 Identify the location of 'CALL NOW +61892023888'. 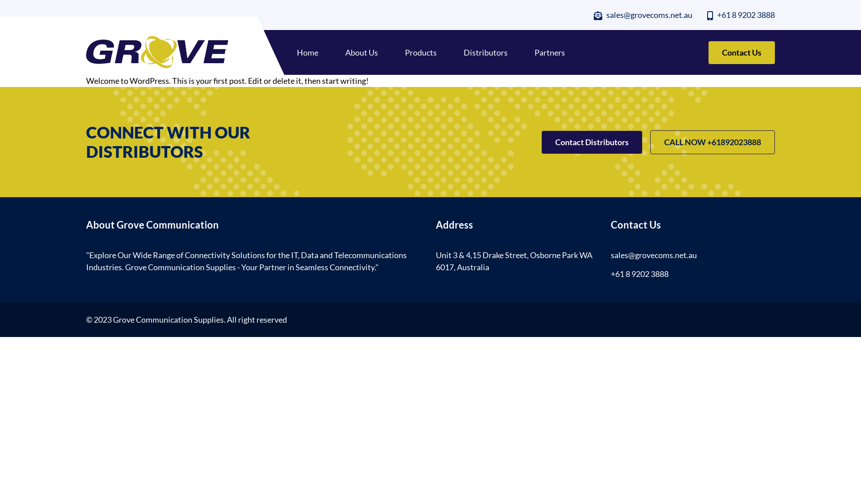
(712, 142).